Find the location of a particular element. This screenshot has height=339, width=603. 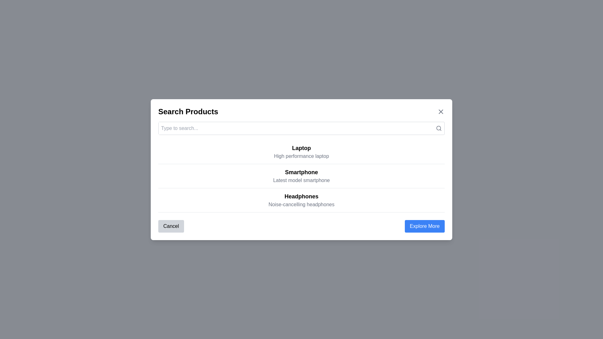

the Close button, which is a circular icon with an 'X' in the top-right corner of the modal, located immediately is located at coordinates (440, 111).